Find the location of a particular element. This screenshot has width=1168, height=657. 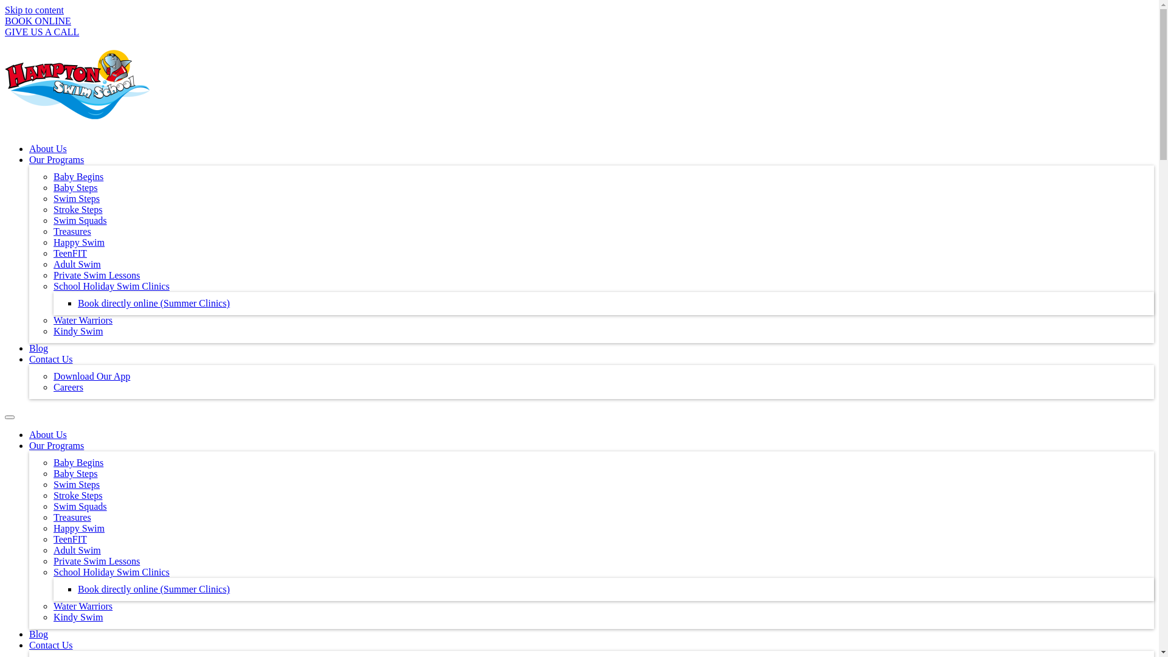

'Download Our App' is located at coordinates (91, 375).